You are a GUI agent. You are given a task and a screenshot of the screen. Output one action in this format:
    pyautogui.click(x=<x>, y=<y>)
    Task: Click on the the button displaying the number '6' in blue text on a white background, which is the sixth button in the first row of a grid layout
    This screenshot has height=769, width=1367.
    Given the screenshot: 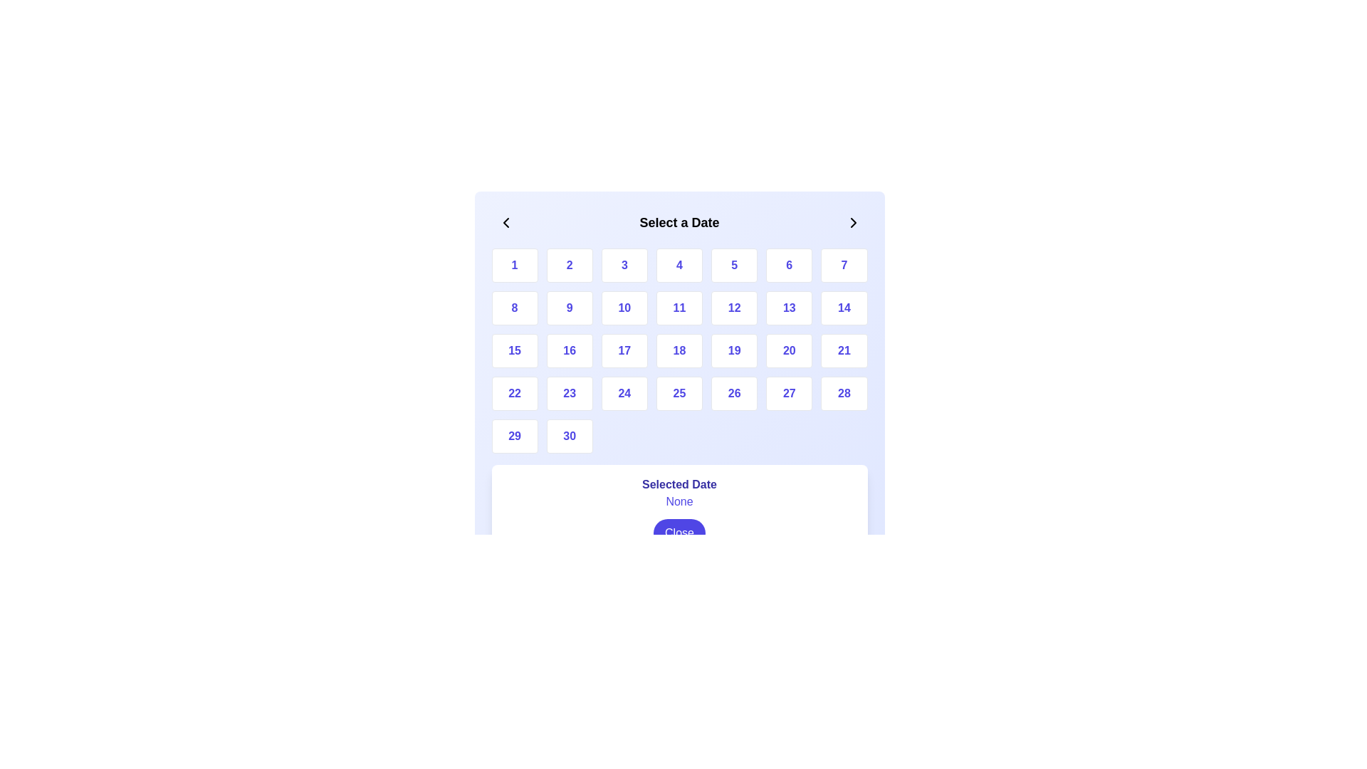 What is the action you would take?
    pyautogui.click(x=788, y=266)
    